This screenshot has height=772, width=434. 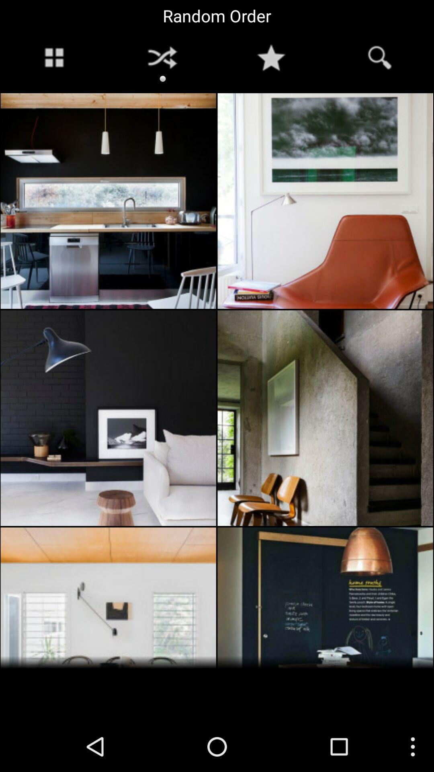 What do you see at coordinates (325, 418) in the screenshot?
I see `the middle image which is at right hand side` at bounding box center [325, 418].